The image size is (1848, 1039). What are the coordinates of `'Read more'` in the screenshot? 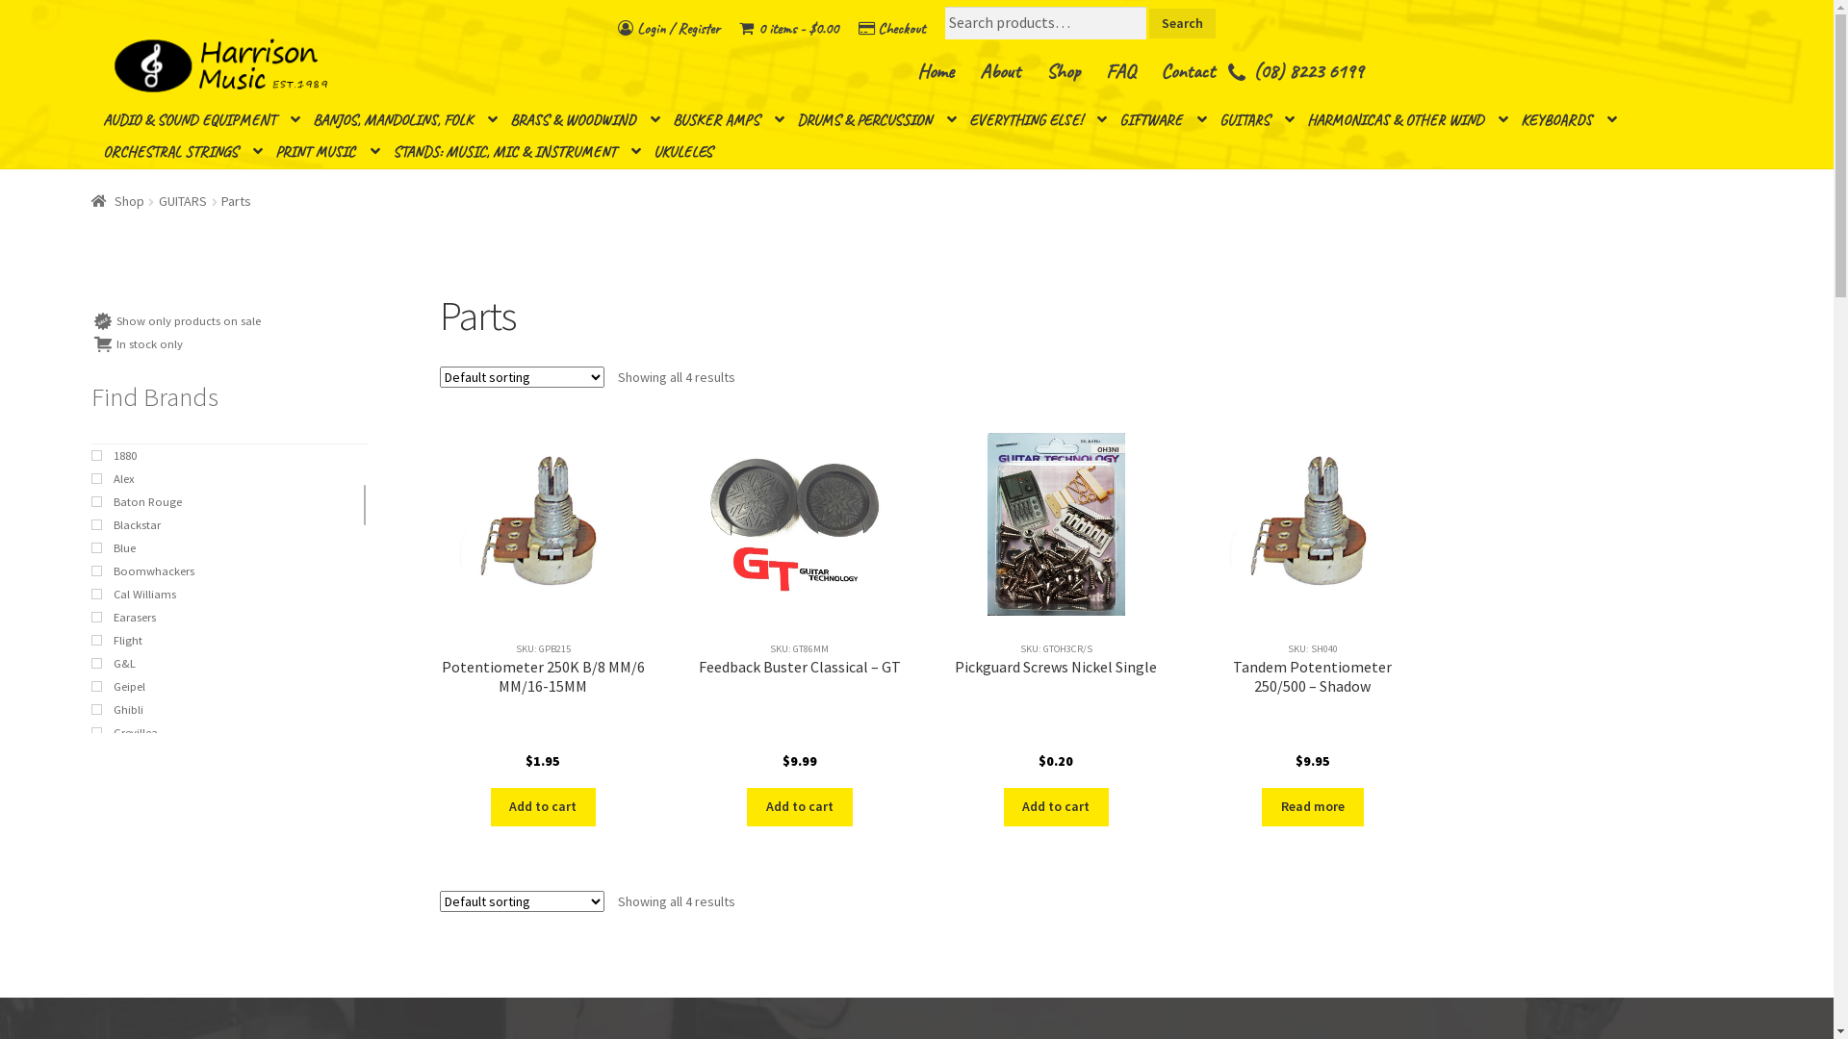 It's located at (1311, 807).